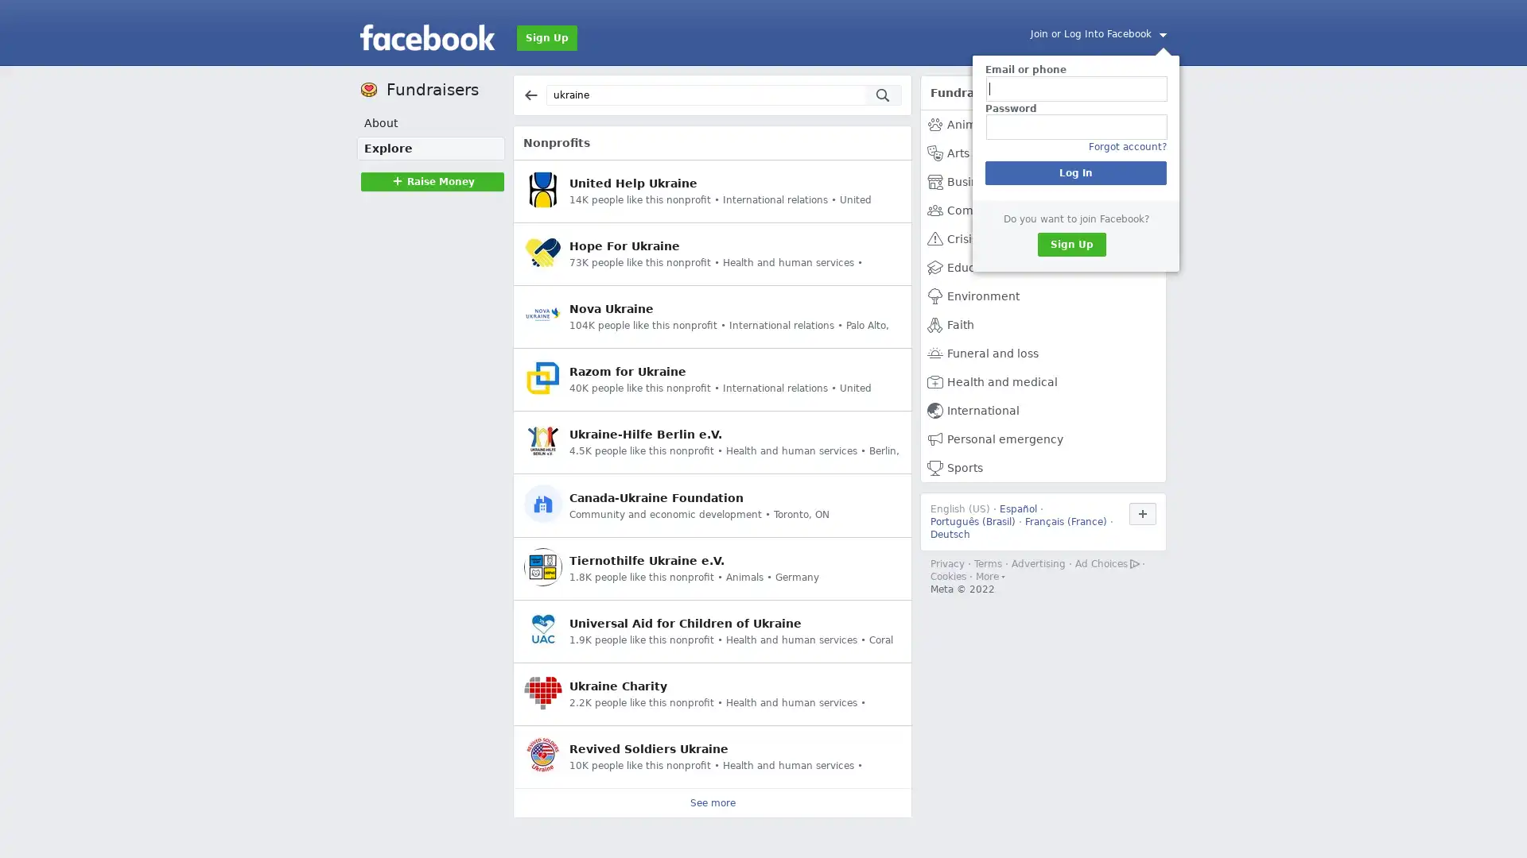  Describe the element at coordinates (1018, 508) in the screenshot. I see `Espanol` at that location.